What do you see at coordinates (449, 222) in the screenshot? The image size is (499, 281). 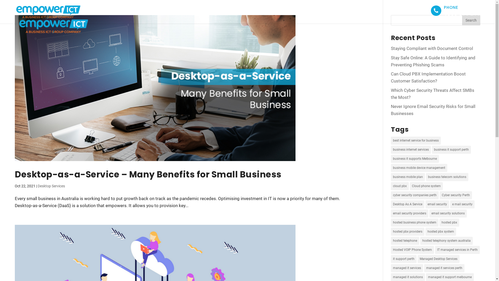 I see `'hosted pbx'` at bounding box center [449, 222].